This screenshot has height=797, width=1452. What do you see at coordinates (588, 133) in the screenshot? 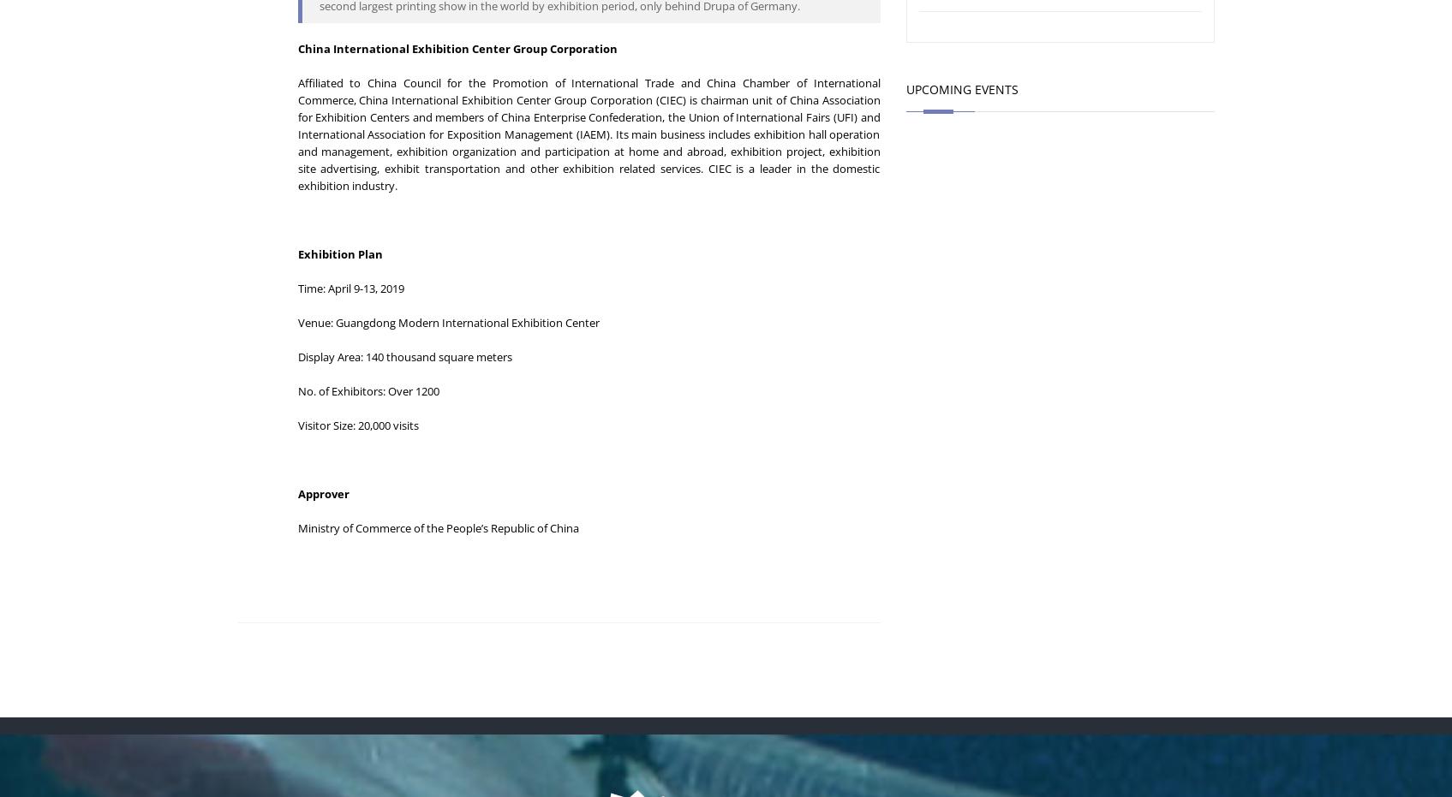
I see `'Affiliated to China Council for the Promotion of International Trade and China Chamber of International Commerce, China International Exhibition Center Group Corporation (CIEC) is chairman unit of China Association for Exhibition Centers and members of China Enterprise Confederation, the Union of International Fairs (UFI) and International Association for Exposition Management (IAEM). Its main business includes exhibition hall operation and management, exhibition organization and participation at home and abroad, exhibition project, exhibition site advertising, exhibit transportation and other exhibition related services. CIEC is a leader in the domestic exhibition industry.'` at bounding box center [588, 133].